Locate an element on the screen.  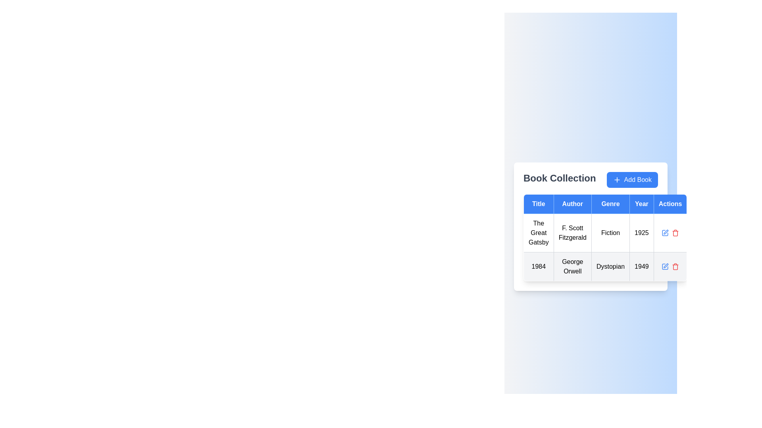
the pen-shaped icon located in the 'Actions' column of the second row of the book table for '1984' by George Orwell via tab navigation is located at coordinates (666, 266).